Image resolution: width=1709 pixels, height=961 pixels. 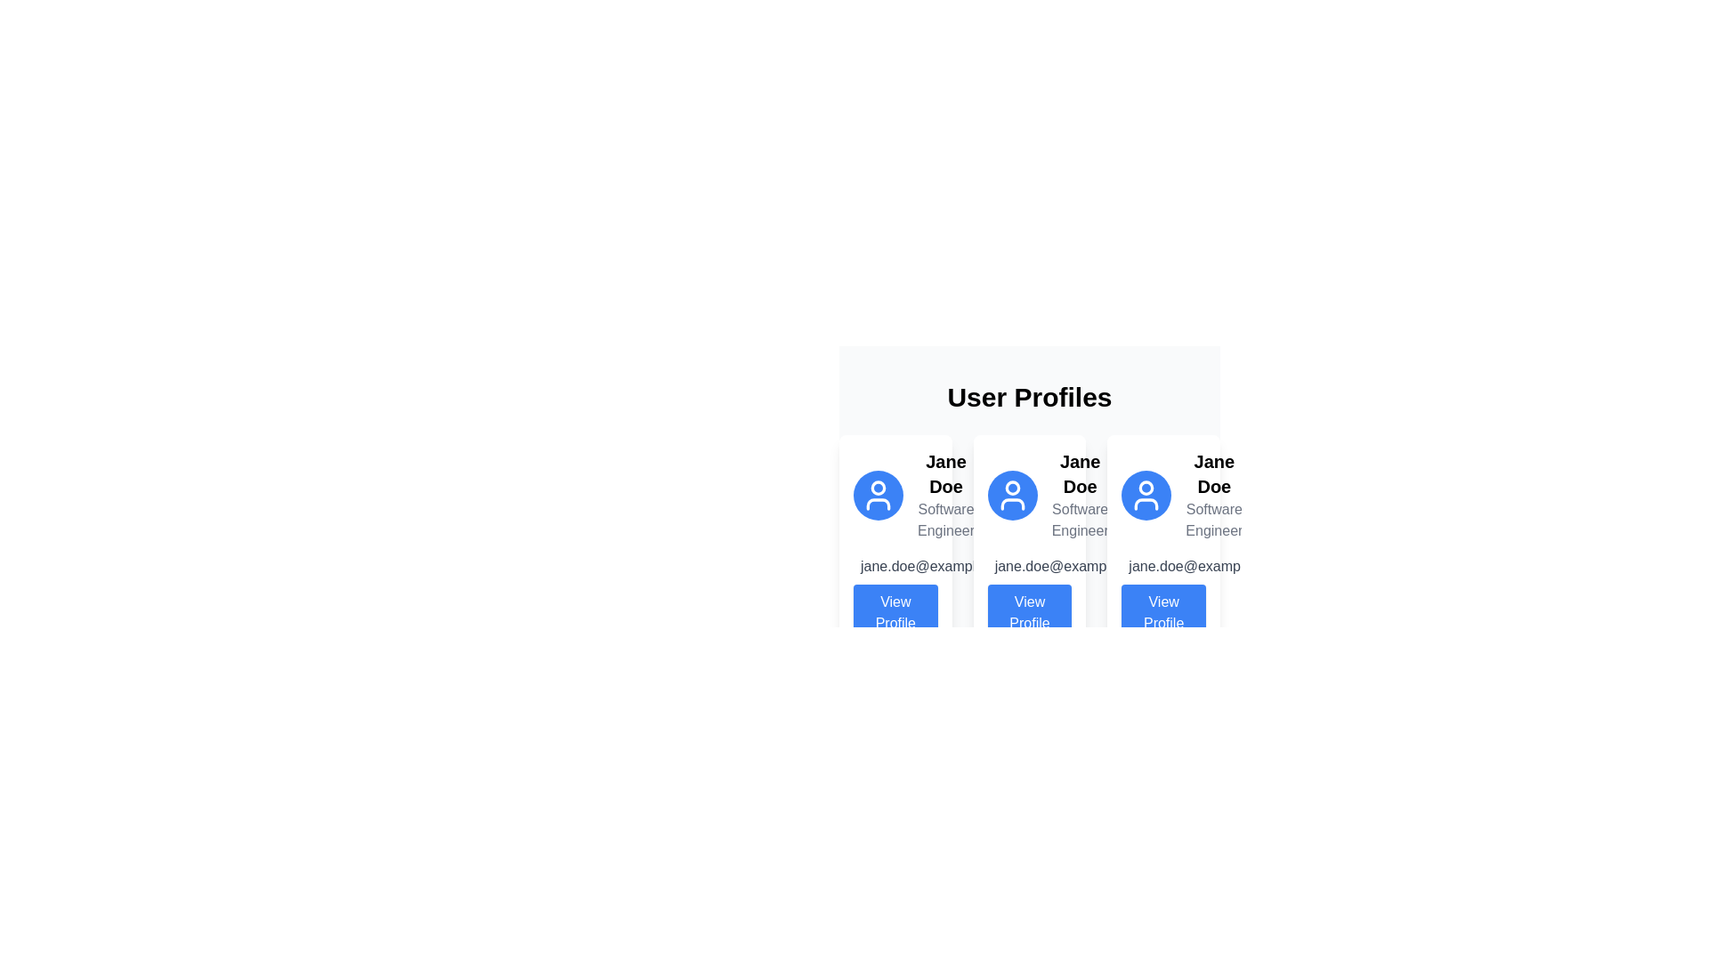 I want to click on the static text display that shows the user's email address, located within the information panel, below the name and title, and above the 'View Profile' button, so click(x=895, y=566).